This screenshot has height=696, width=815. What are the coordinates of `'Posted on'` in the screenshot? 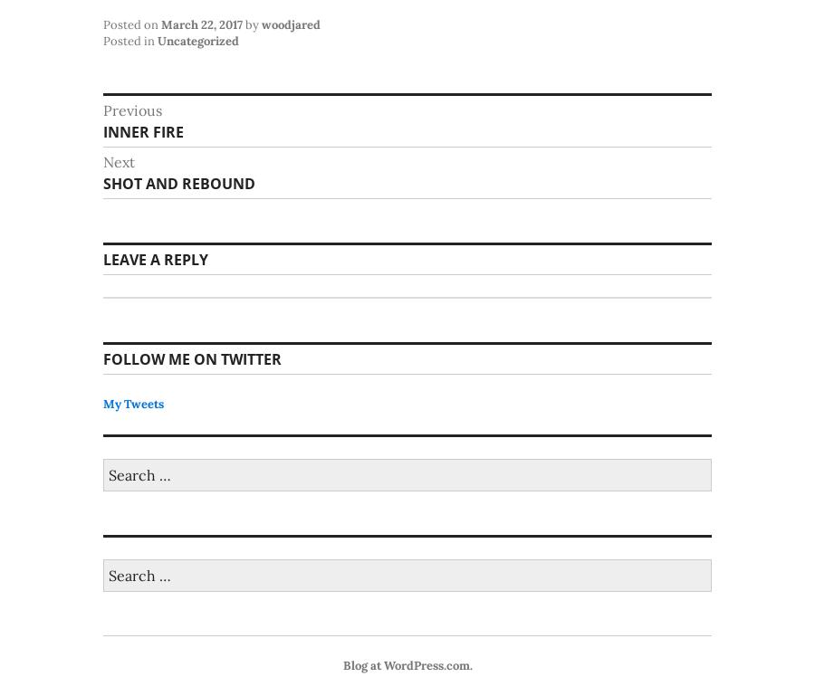 It's located at (131, 24).